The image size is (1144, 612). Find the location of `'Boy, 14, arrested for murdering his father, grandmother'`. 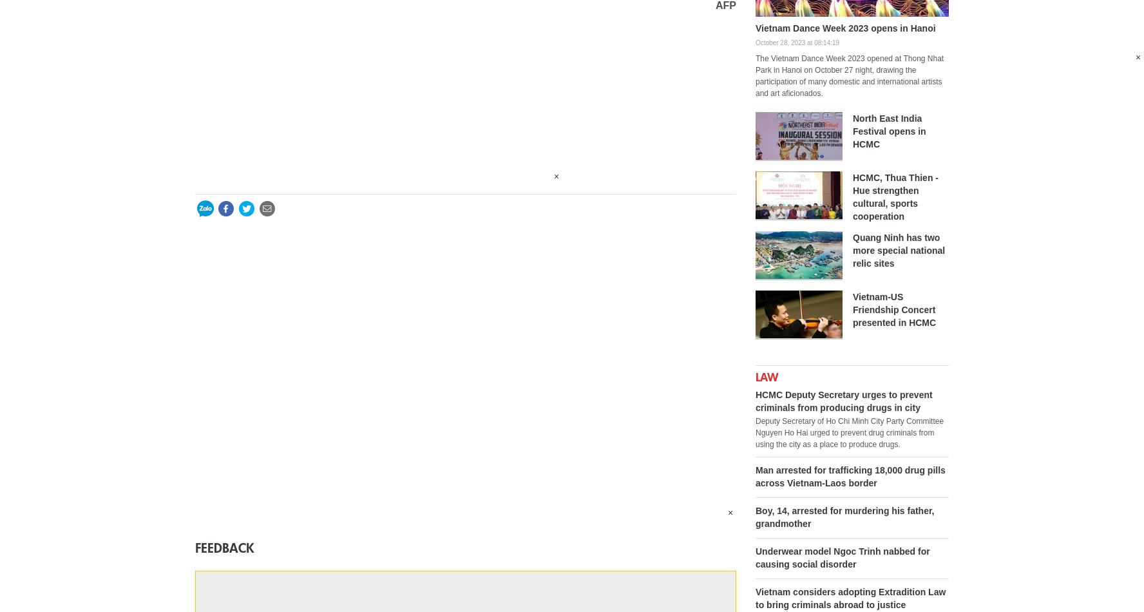

'Boy, 14, arrested for murdering his father, grandmother' is located at coordinates (844, 515).